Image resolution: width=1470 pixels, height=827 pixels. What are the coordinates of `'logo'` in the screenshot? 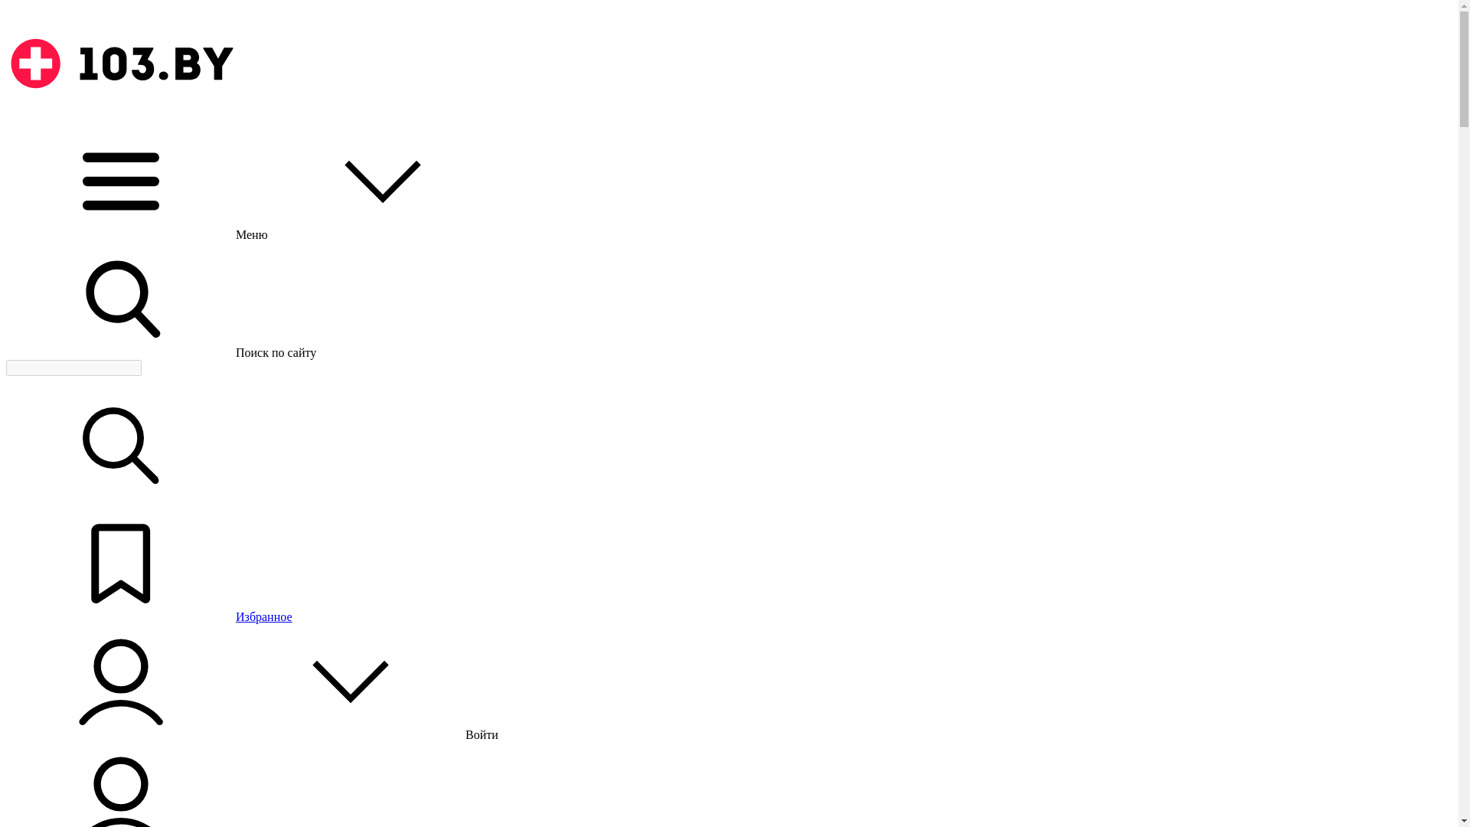 It's located at (120, 116).